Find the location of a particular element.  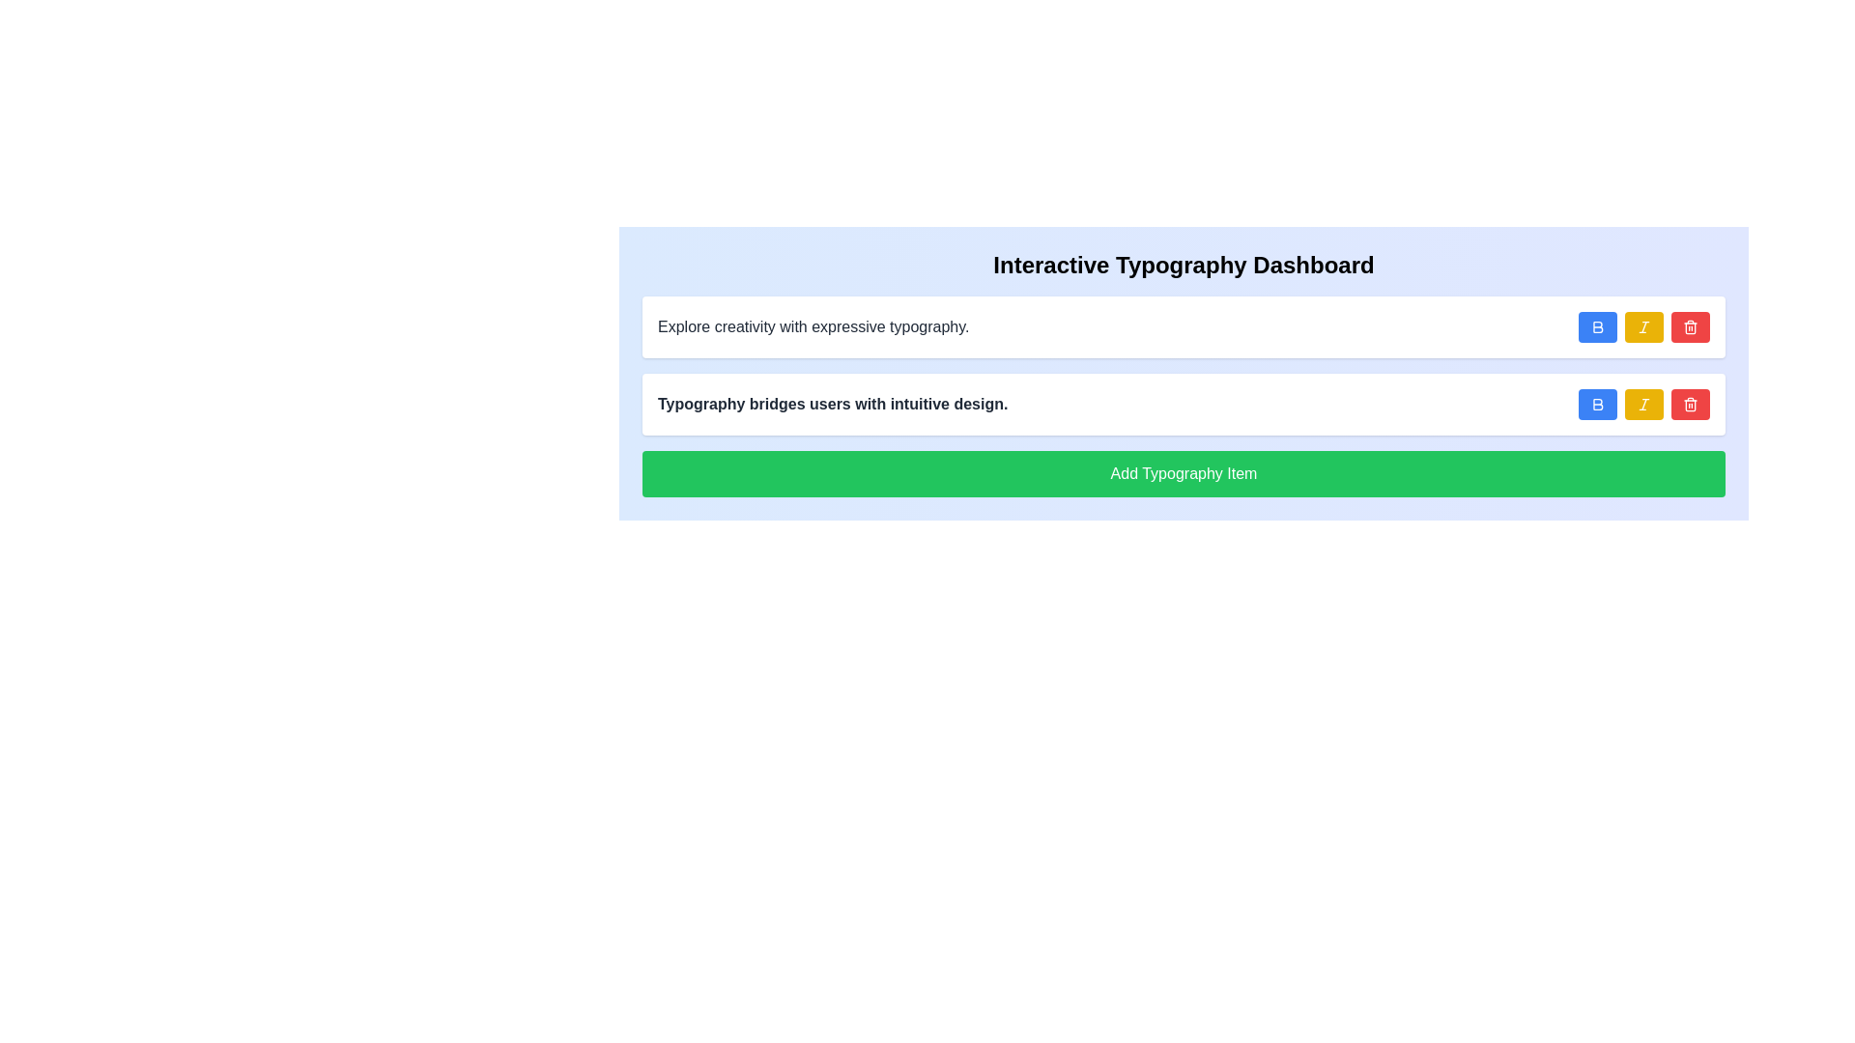

the red trash can icon button located on the rightmost side of a horizontal group of three icons is located at coordinates (1690, 326).